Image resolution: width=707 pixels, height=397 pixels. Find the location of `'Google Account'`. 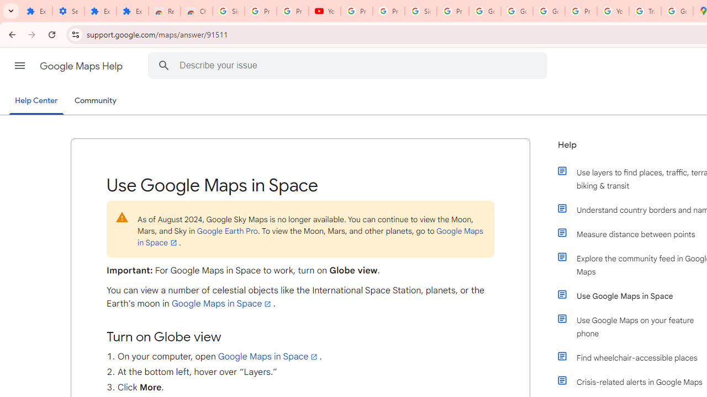

'Google Account' is located at coordinates (516, 11).